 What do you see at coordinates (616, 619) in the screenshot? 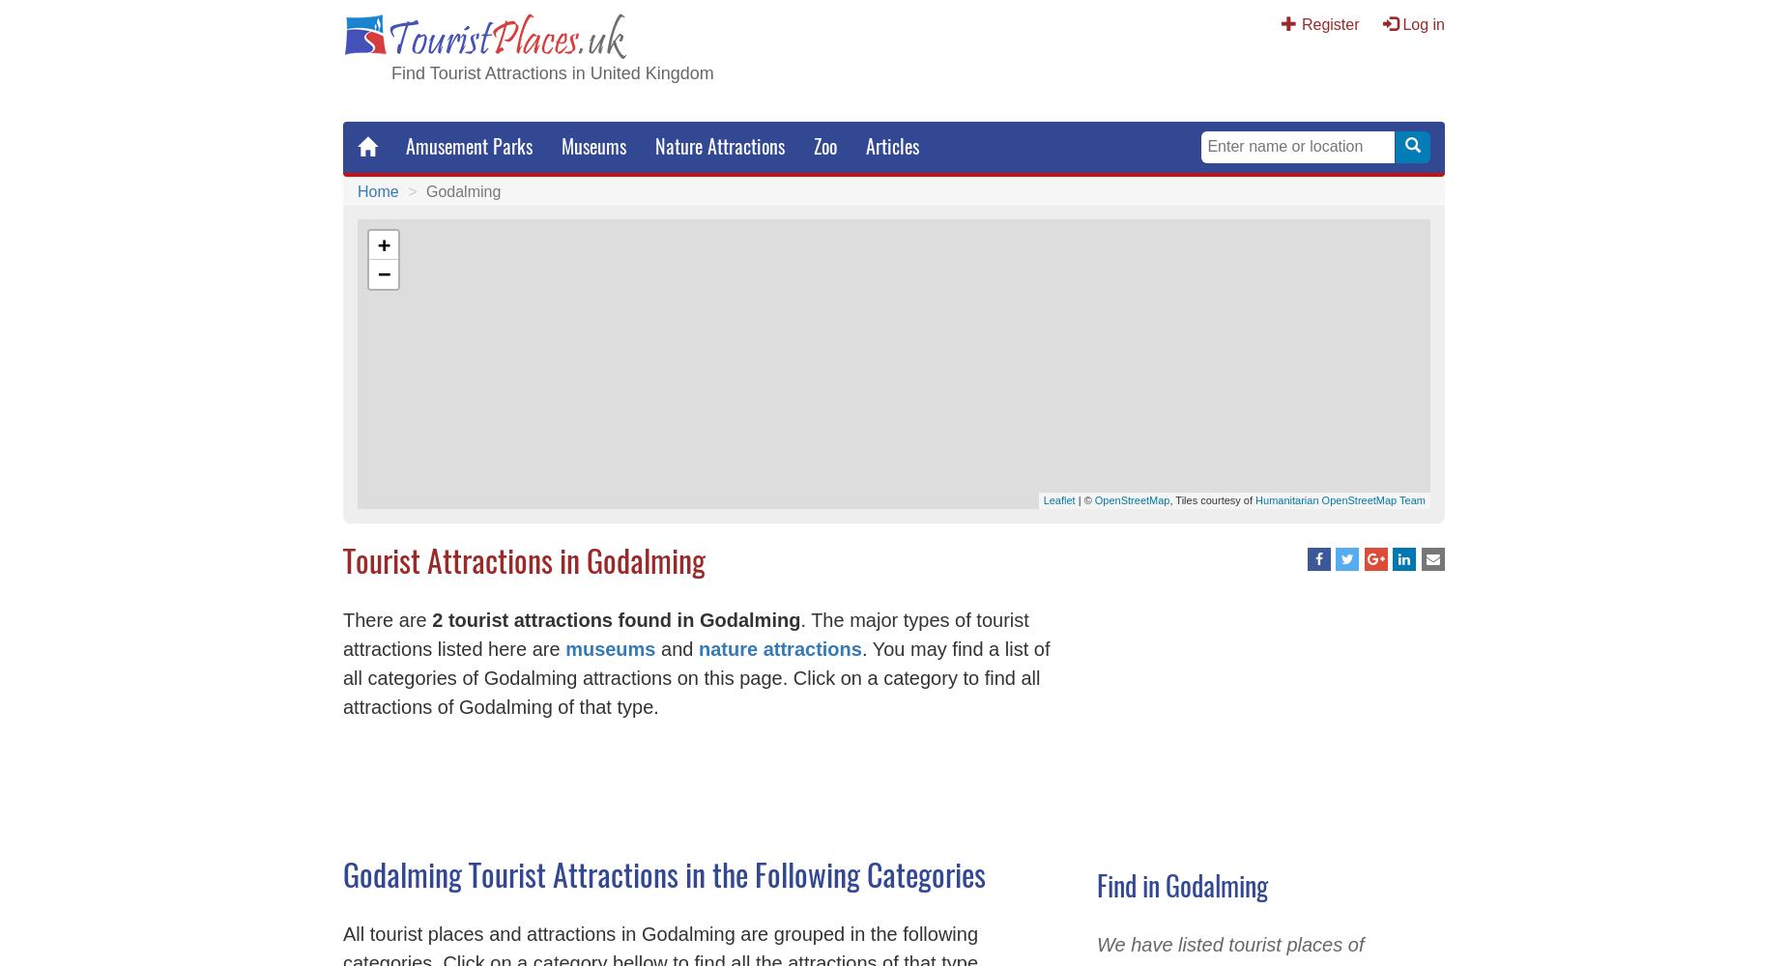
I see `'2 tourist attractions found in Godalming'` at bounding box center [616, 619].